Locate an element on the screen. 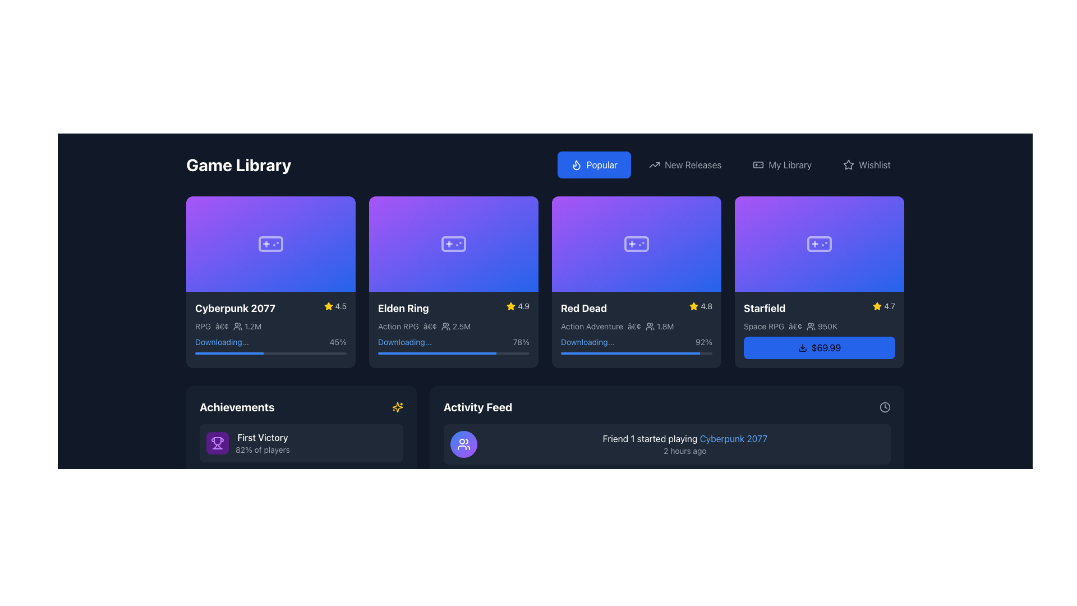 This screenshot has width=1077, height=606. the title text of the game card labeled 'Starfield' located in the top-right part of the application is located at coordinates (764, 308).